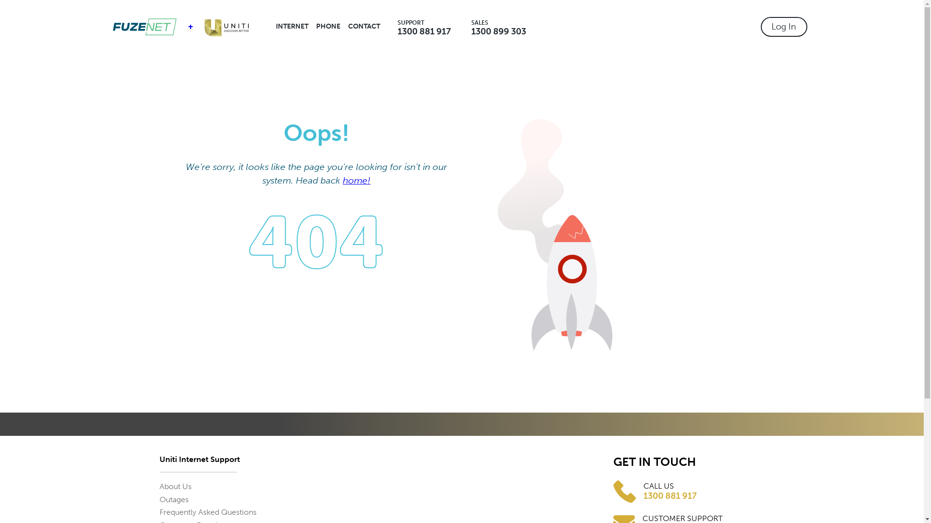 Image resolution: width=931 pixels, height=523 pixels. Describe the element at coordinates (670, 496) in the screenshot. I see `'1300 881 917'` at that location.